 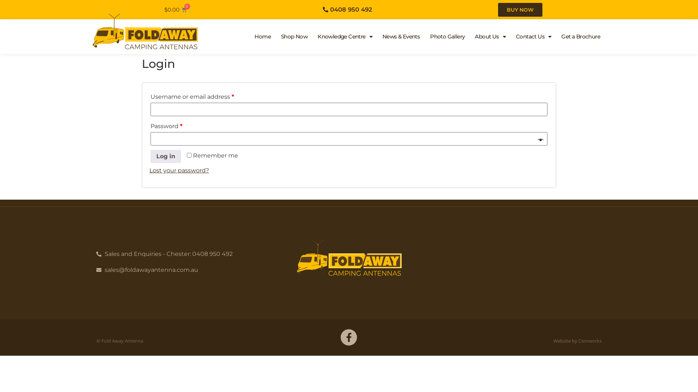 What do you see at coordinates (447, 36) in the screenshot?
I see `'Photo Gallery'` at bounding box center [447, 36].